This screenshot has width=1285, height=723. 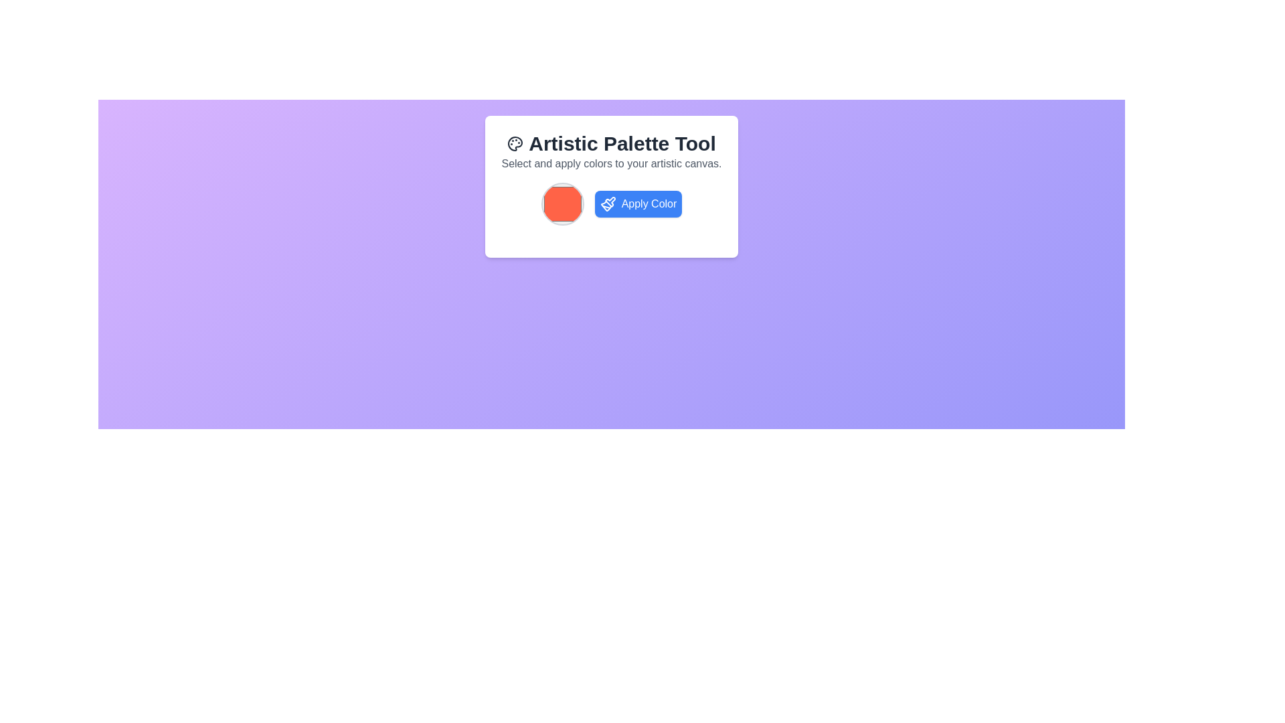 What do you see at coordinates (515, 144) in the screenshot?
I see `the palette icon representing the 'Artistic Palette Tool' located in the header section of the interface, positioned to the far left of the title text` at bounding box center [515, 144].